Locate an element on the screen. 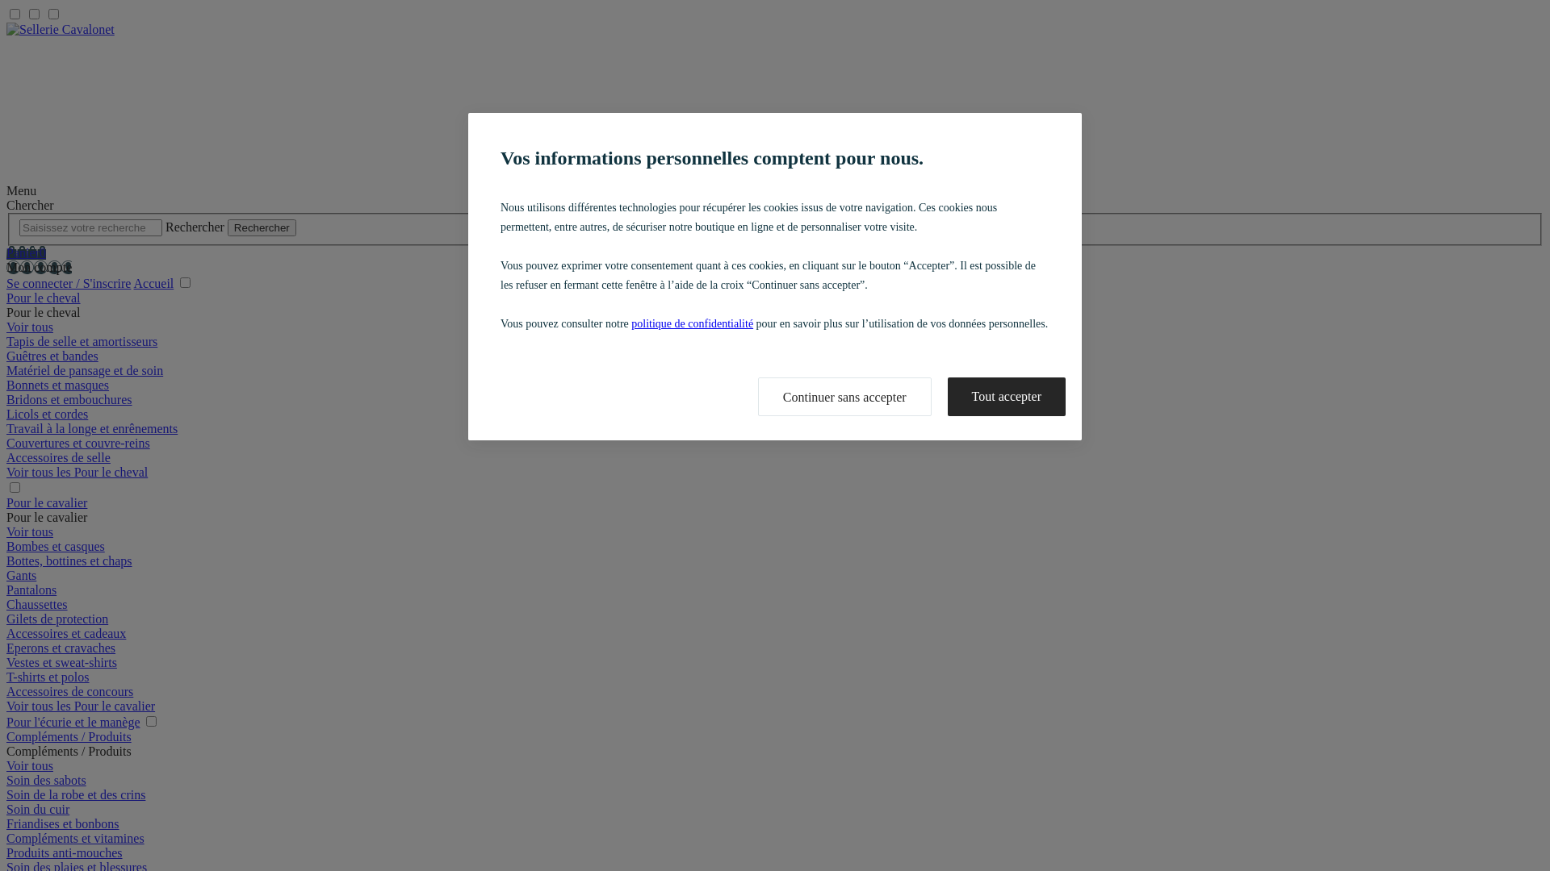 The height and width of the screenshot is (871, 1550). 'Soin des sabots' is located at coordinates (6, 779).